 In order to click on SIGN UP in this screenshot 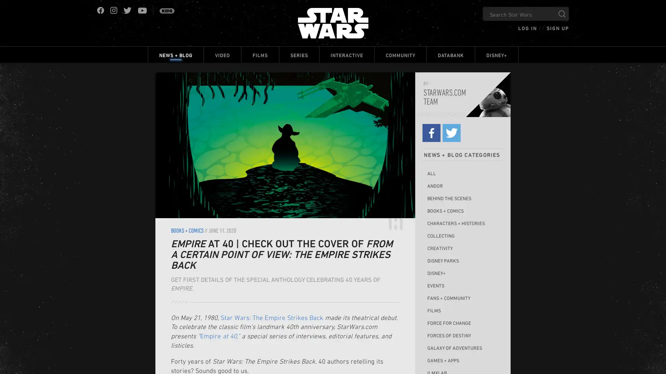, I will do `click(558, 28)`.